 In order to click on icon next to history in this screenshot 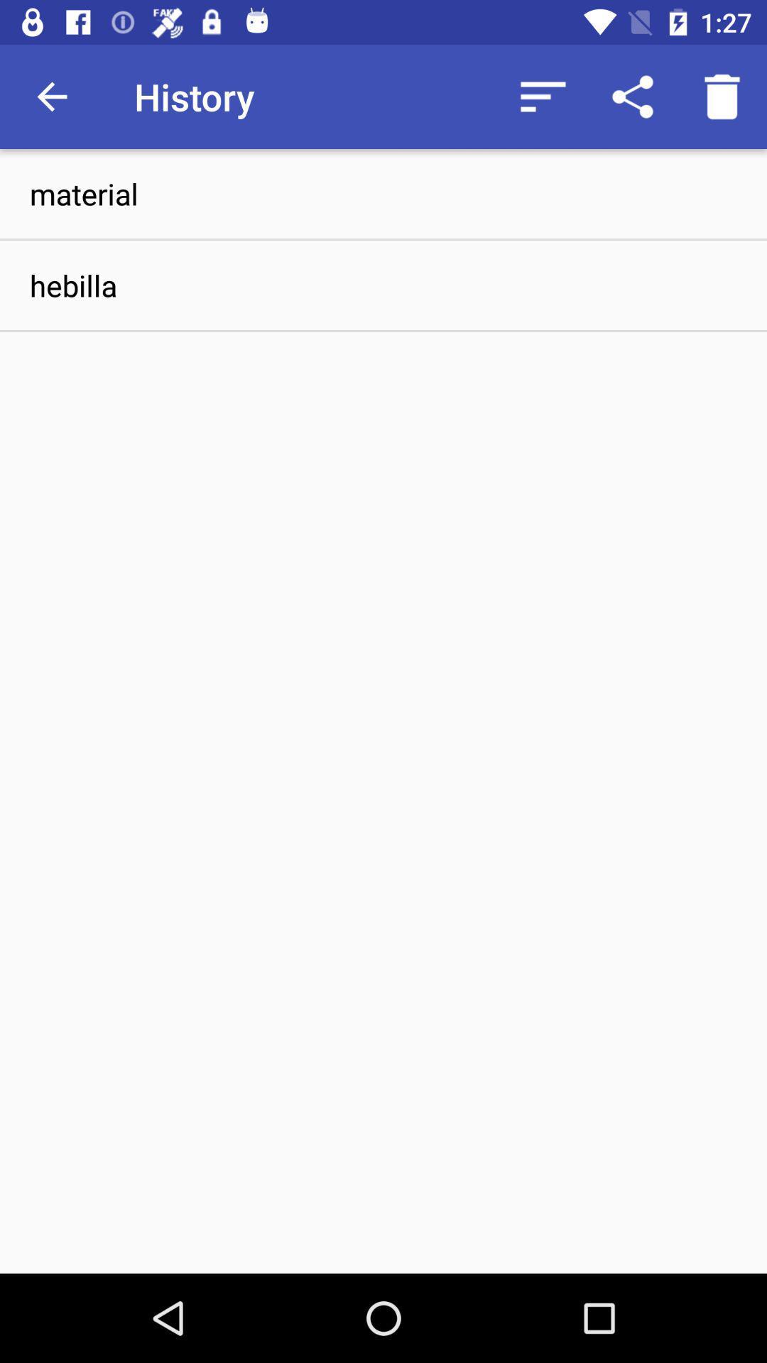, I will do `click(543, 96)`.